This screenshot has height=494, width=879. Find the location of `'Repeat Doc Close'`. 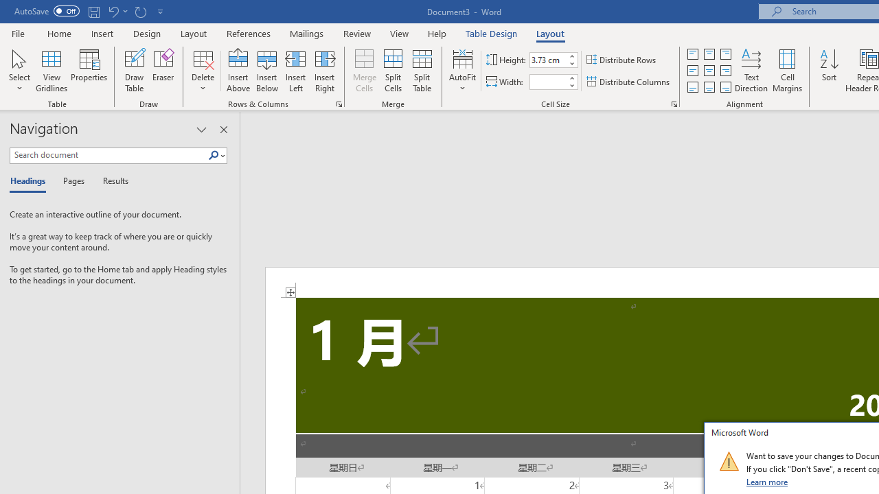

'Repeat Doc Close' is located at coordinates (140, 11).